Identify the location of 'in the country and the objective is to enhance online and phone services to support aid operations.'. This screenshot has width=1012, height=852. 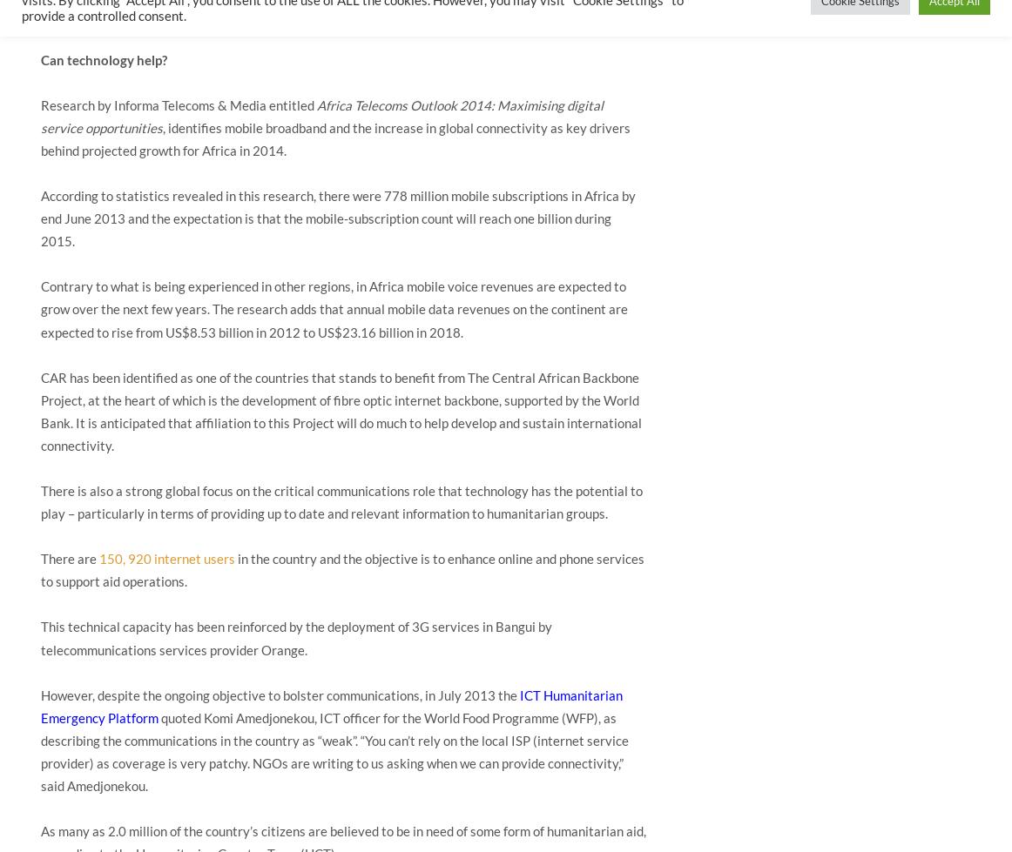
(341, 569).